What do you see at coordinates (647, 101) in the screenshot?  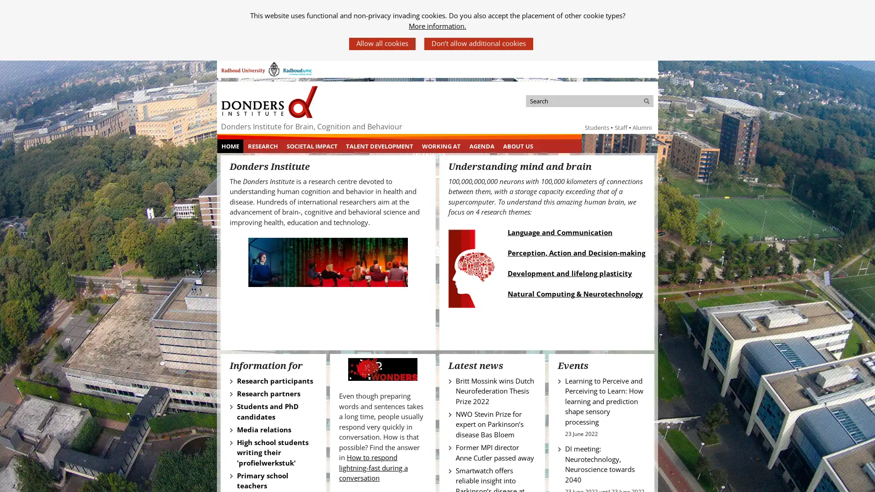 I see `Search` at bounding box center [647, 101].